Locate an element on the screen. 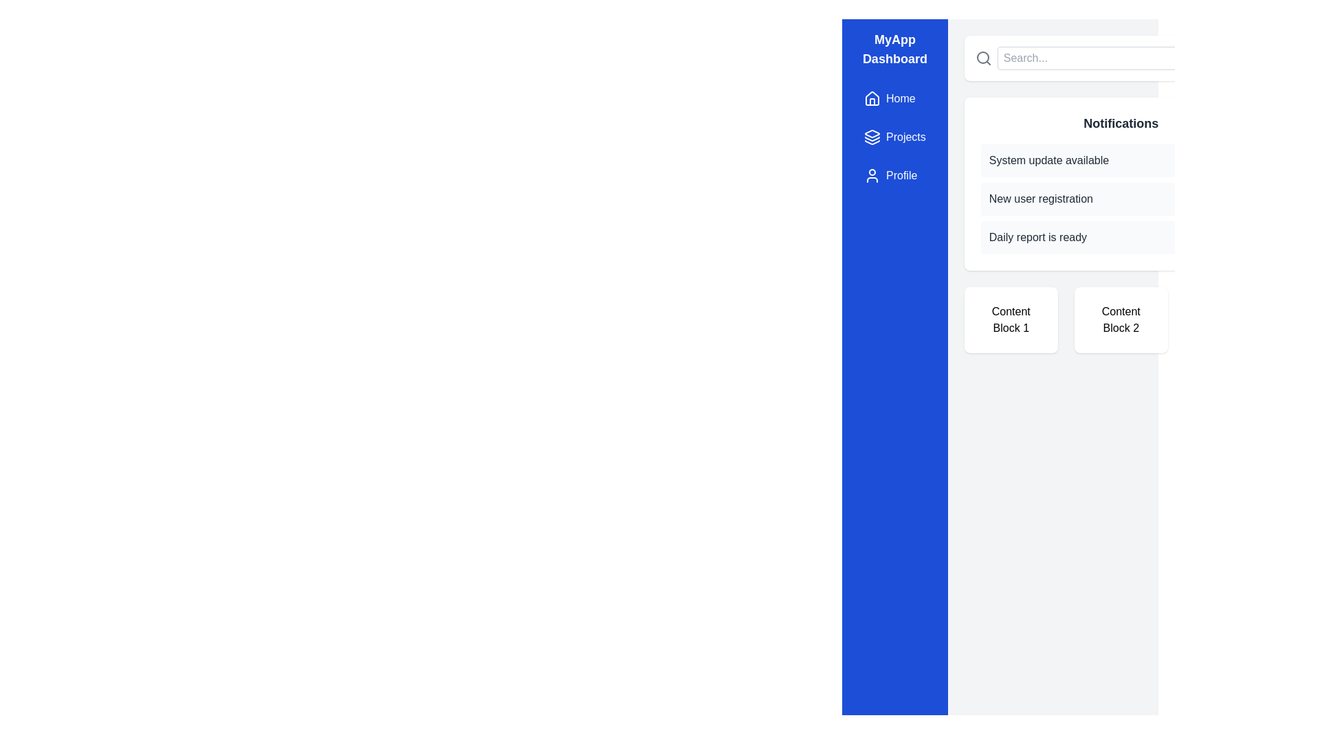 The width and height of the screenshot is (1320, 742). inside the search input box located in the top-right corner of the interface to focus on it is located at coordinates (1095, 57).